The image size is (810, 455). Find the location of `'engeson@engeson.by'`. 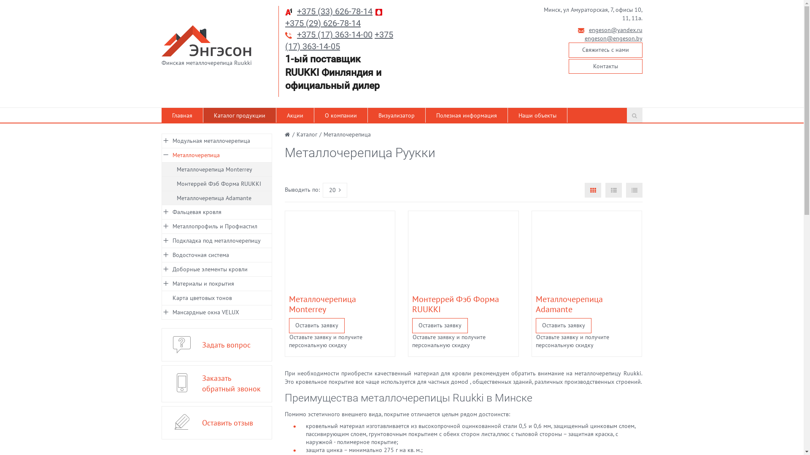

'engeson@engeson.by' is located at coordinates (613, 38).